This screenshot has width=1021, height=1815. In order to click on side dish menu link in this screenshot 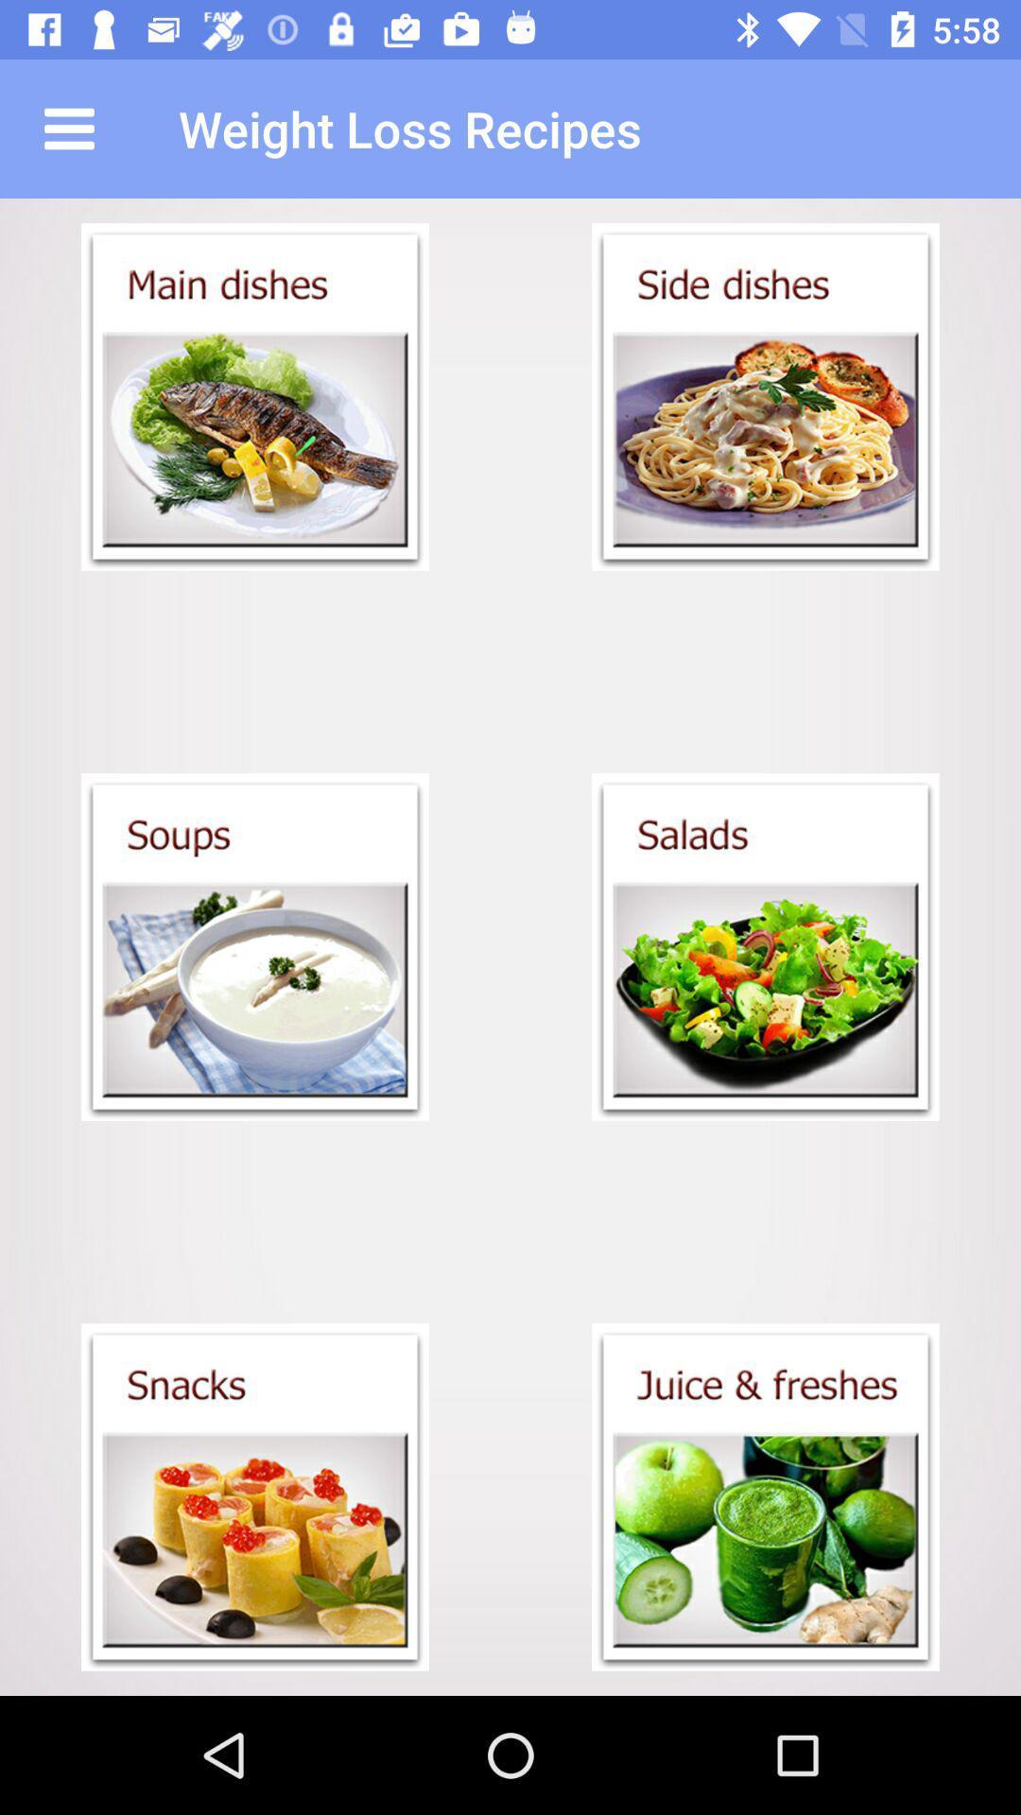, I will do `click(766, 396)`.